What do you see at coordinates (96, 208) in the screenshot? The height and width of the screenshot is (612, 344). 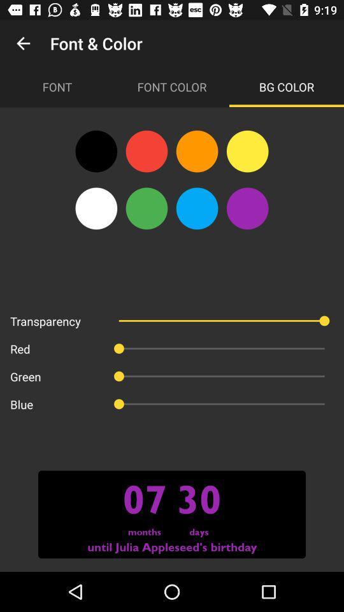 I see `the avatar icon` at bounding box center [96, 208].